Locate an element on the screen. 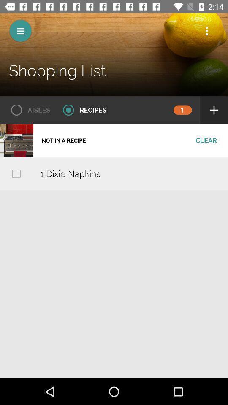 This screenshot has height=405, width=228. menu is located at coordinates (20, 31).